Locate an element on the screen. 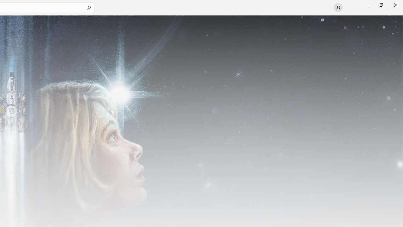  'User profile' is located at coordinates (338, 8).